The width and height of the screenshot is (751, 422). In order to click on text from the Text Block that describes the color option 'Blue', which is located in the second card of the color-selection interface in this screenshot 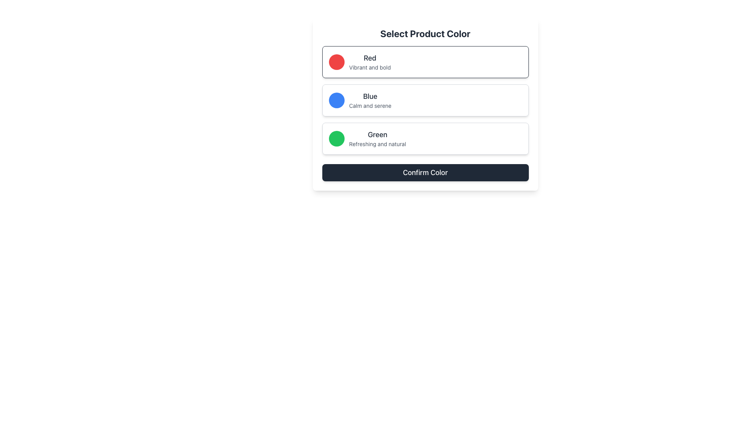, I will do `click(370, 100)`.